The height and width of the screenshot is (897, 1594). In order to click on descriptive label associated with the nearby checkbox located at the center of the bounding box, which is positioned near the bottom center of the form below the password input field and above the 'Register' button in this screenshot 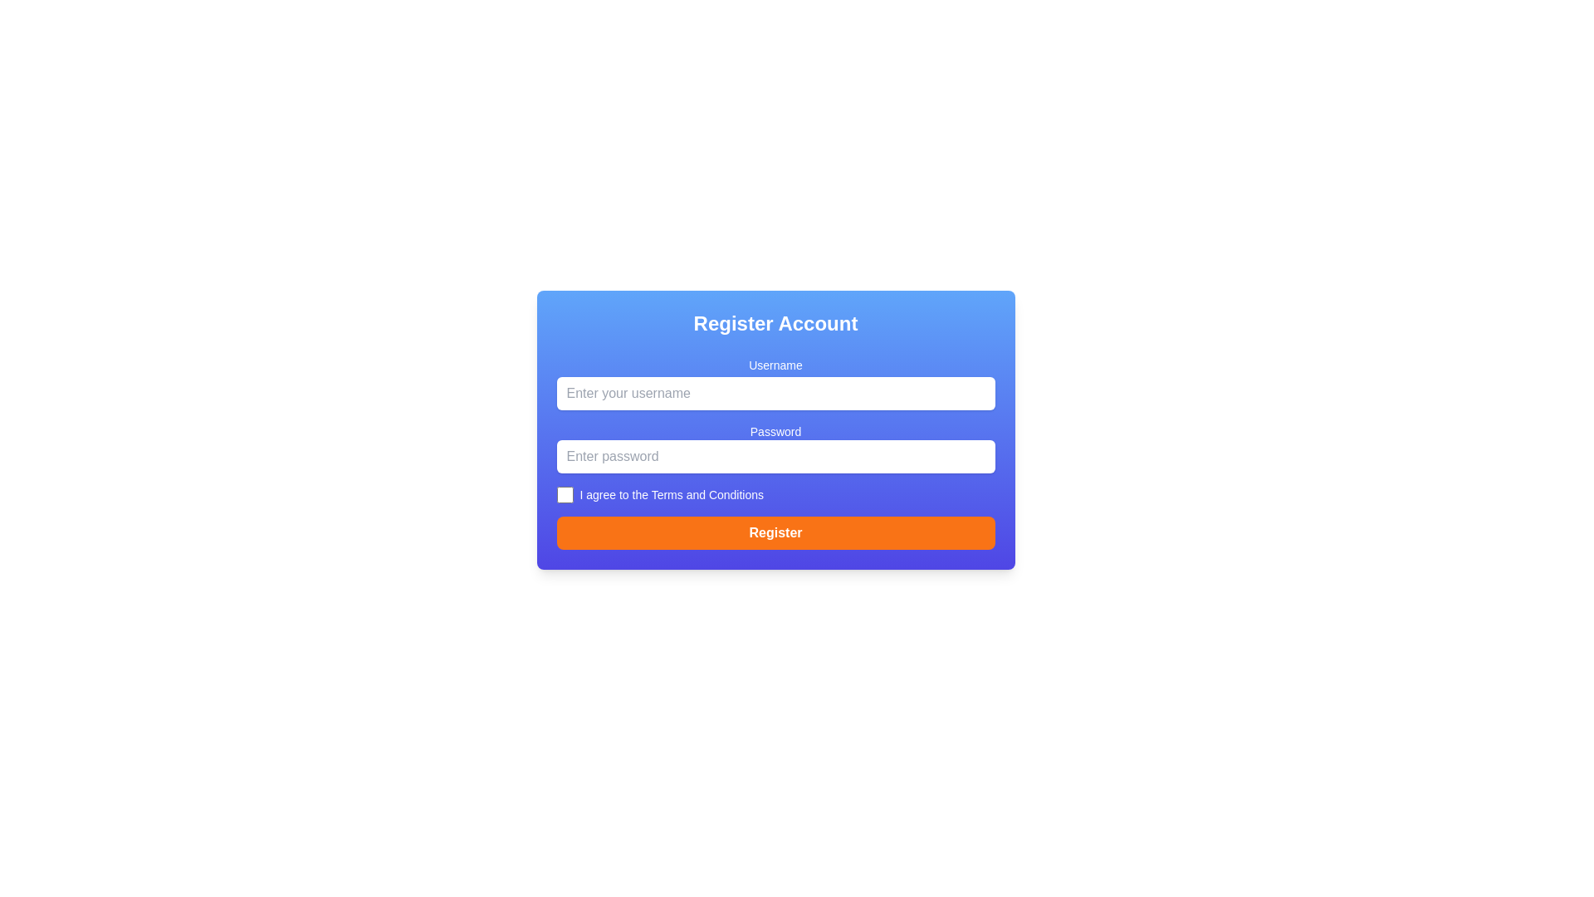, I will do `click(672, 494)`.